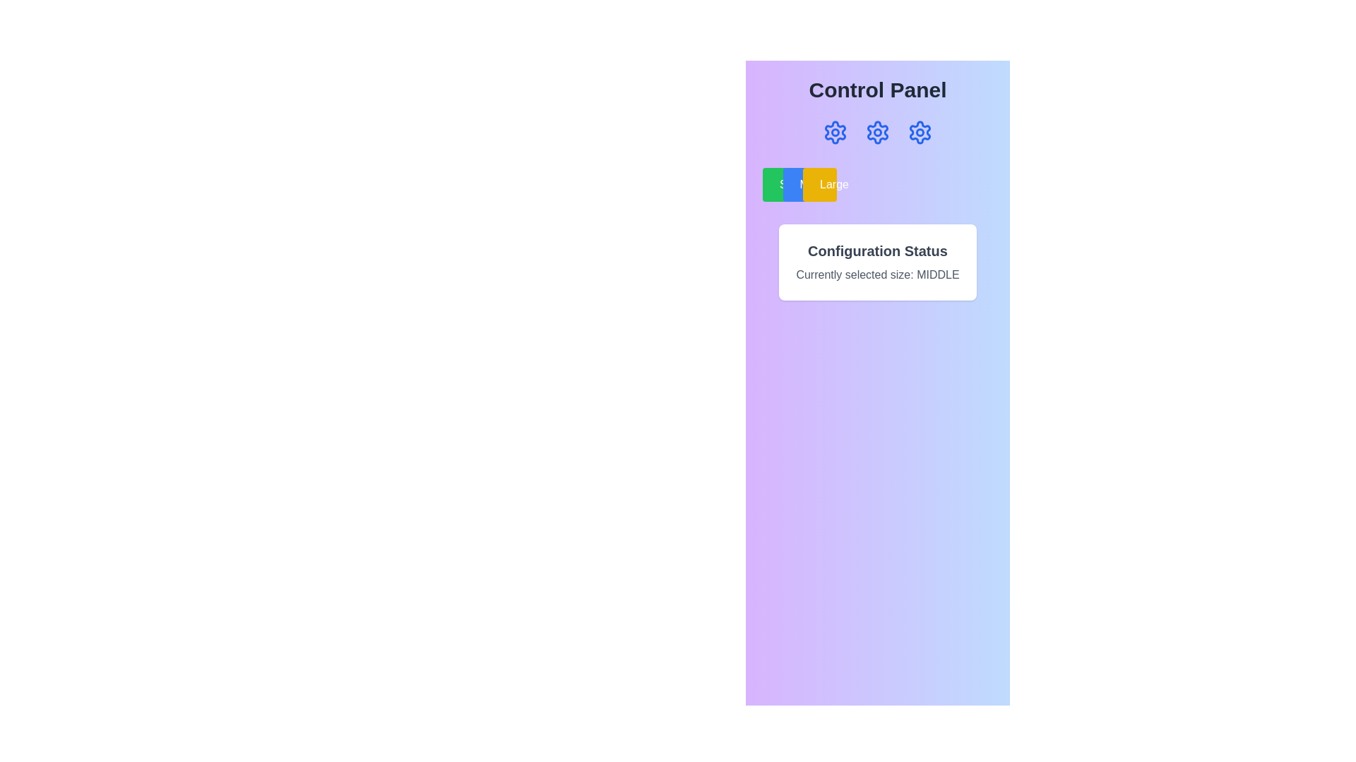 The image size is (1356, 762). Describe the element at coordinates (835, 133) in the screenshot. I see `the small circular decorative graphic located within the first gear icon at the top-center section of the interface` at that location.